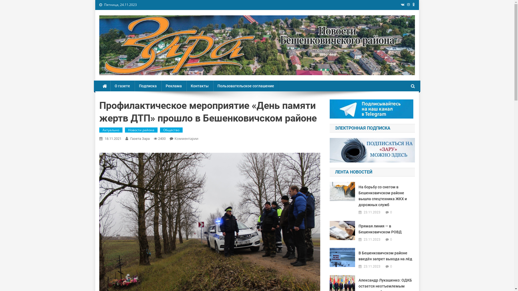 This screenshot has width=518, height=291. Describe the element at coordinates (372, 212) in the screenshot. I see `'23.11.2023'` at that location.